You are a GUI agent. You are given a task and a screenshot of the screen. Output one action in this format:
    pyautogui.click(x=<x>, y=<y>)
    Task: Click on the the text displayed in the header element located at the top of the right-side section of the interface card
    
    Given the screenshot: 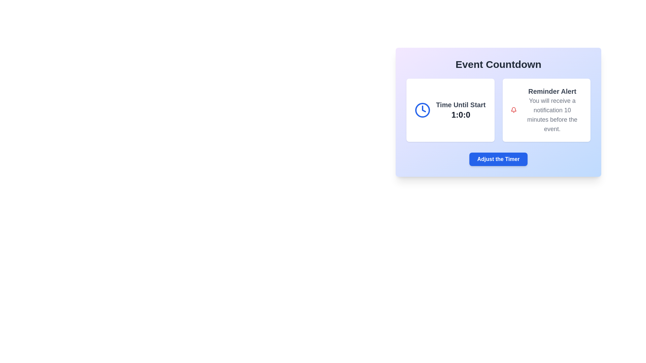 What is the action you would take?
    pyautogui.click(x=552, y=91)
    